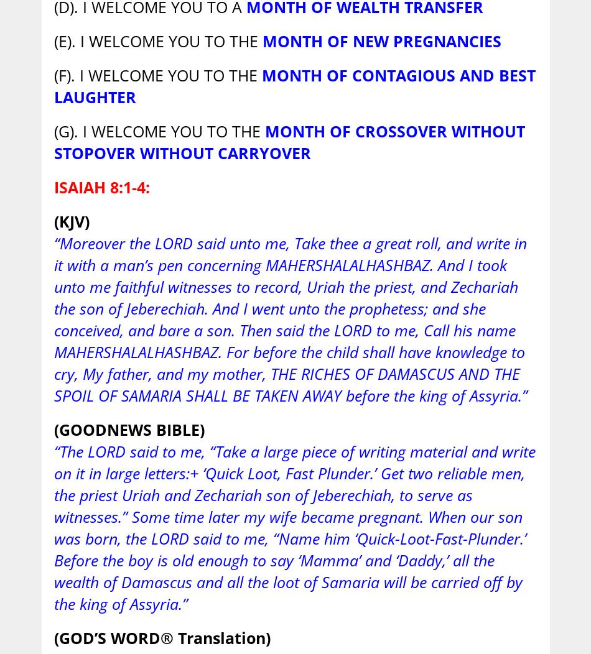  Describe the element at coordinates (294, 527) in the screenshot. I see `'“The LORD said to me, “Take a large piece of writing material and write on it in large letters:+ ‘Quick Loot, Fast Plunder.’ Get two reliable men, the priest Uriah and Zechariah son of Jeberechiah, to serve as witnesses.” Some time later my wife became pregnant. When our son was born, the LORD said to me, “Name him ‘Quick-Loot-Fast-Plunder.’ Before the boy is old enough to say ‘Mamma’ and ‘Daddy,’ all the wealth of Damascus and all the loot of Samaria will be carried off by the king of Assyria.”'` at that location.